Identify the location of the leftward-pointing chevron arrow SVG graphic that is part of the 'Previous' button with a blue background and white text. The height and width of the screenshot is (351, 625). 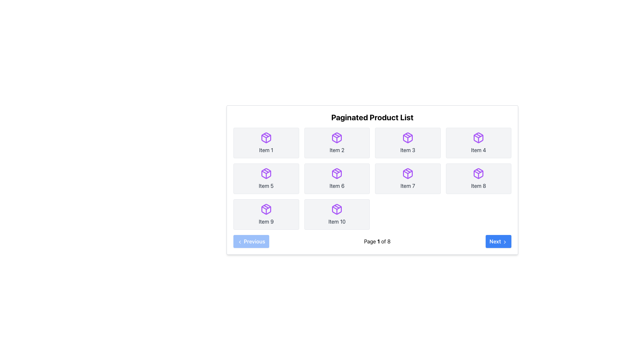
(240, 242).